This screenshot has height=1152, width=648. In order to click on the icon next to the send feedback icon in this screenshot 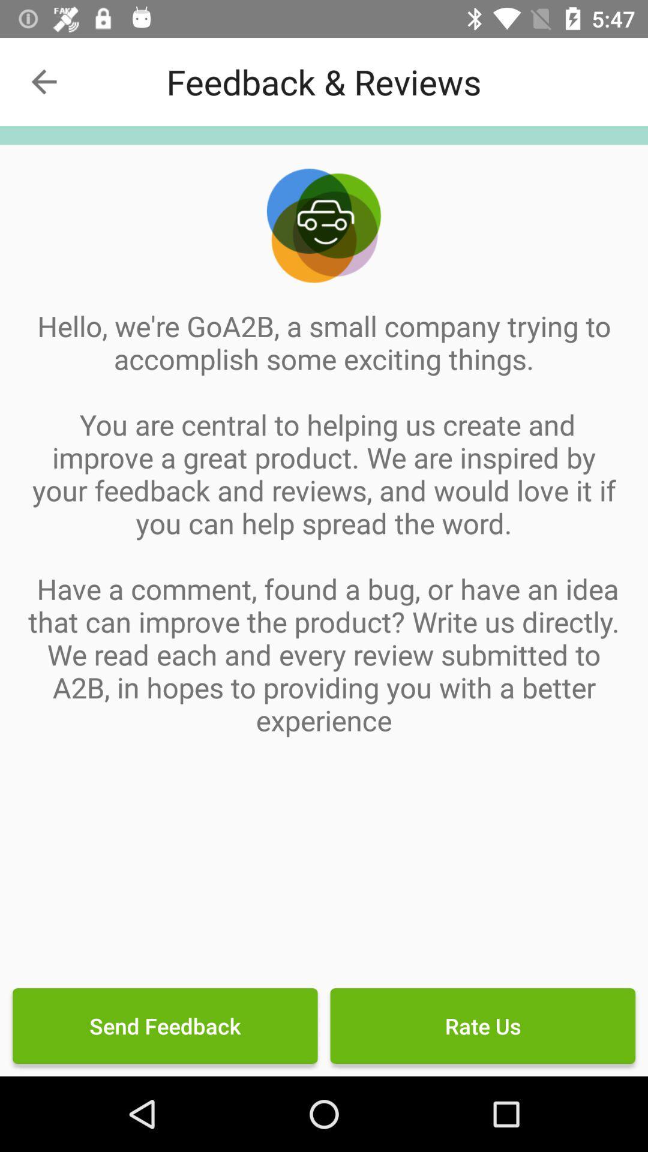, I will do `click(482, 1025)`.